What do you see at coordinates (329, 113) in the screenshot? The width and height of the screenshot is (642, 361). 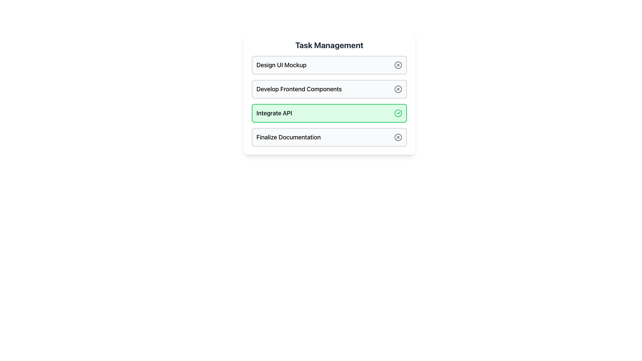 I see `the completed task item labeled 'Integrate API' in the 'Task Management' section` at bounding box center [329, 113].